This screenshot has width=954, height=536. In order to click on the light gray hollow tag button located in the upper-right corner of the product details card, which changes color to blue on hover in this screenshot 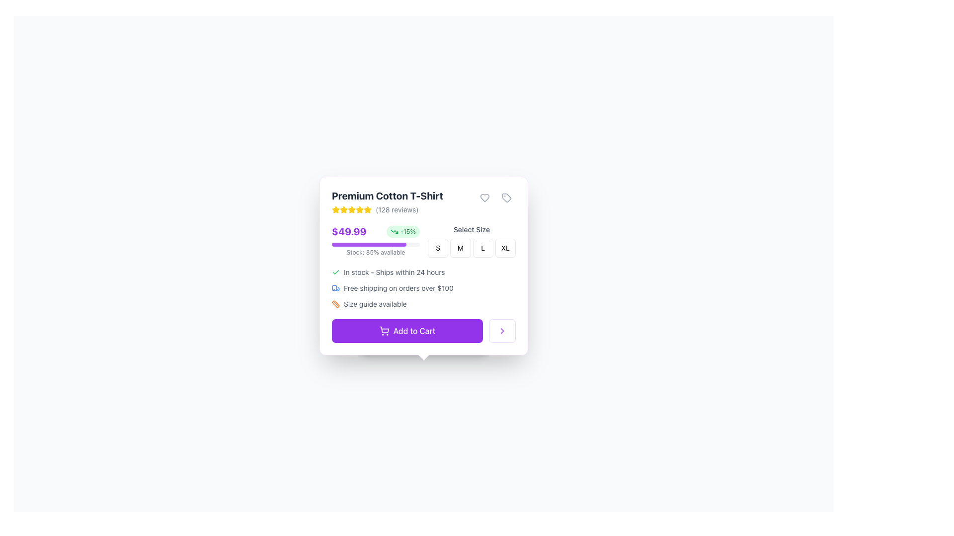, I will do `click(506, 198)`.